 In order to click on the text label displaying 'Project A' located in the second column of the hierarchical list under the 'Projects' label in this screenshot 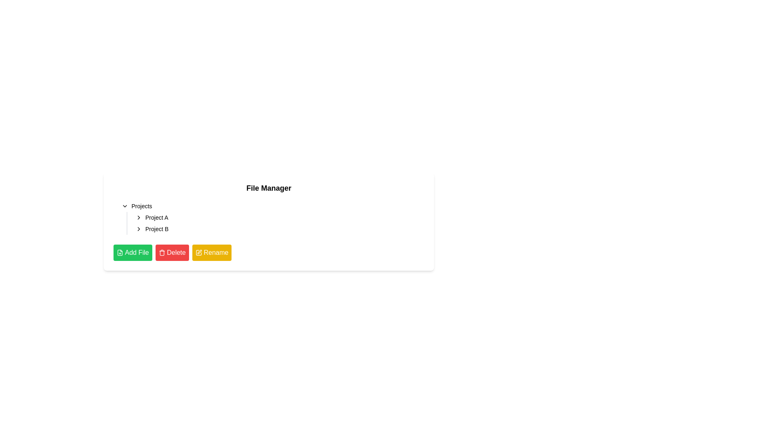, I will do `click(157, 217)`.